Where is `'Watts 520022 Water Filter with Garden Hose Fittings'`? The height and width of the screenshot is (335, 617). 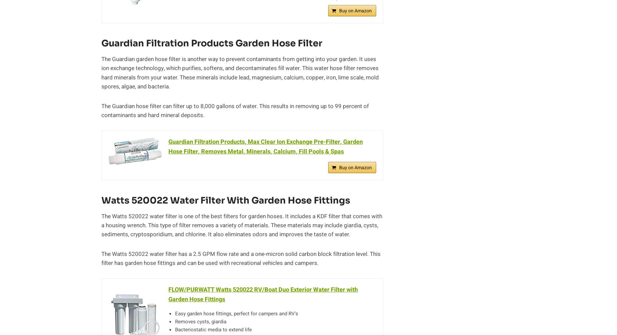
'Watts 520022 Water Filter with Garden Hose Fittings' is located at coordinates (225, 200).